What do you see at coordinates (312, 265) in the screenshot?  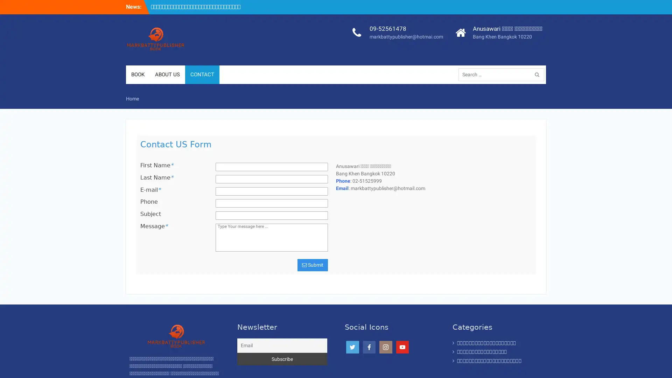 I see `Submit` at bounding box center [312, 265].